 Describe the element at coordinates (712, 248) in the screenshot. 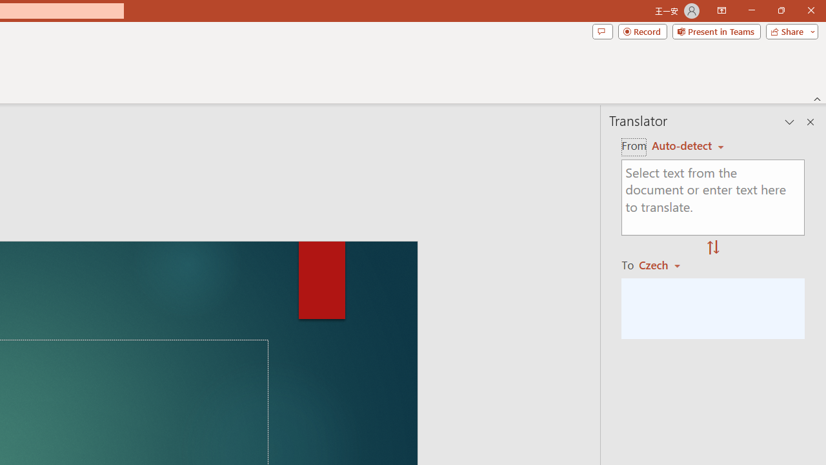

I see `'Swap "from" and "to" languages.'` at that location.